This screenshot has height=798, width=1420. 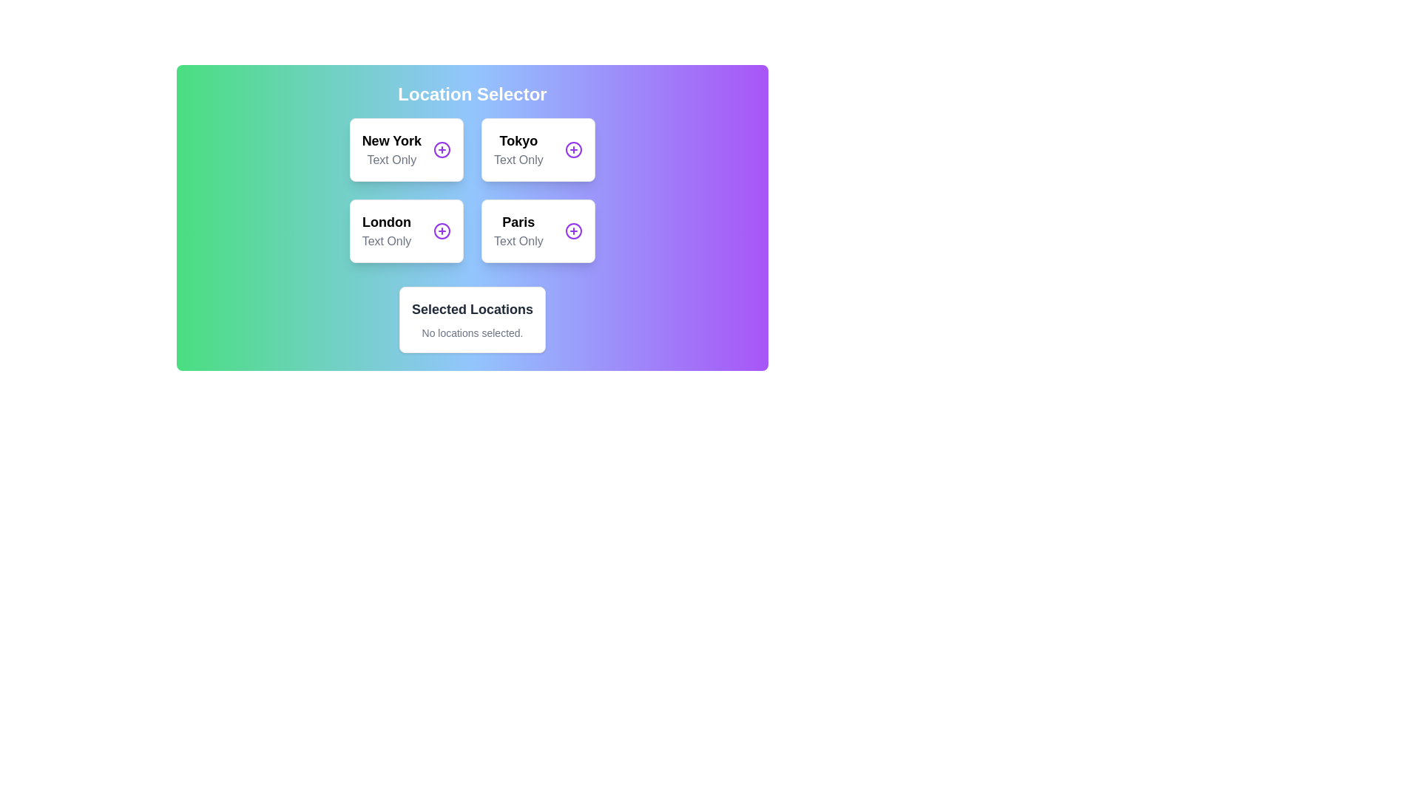 What do you see at coordinates (573, 231) in the screenshot?
I see `the circular action button with a plus symbol located at the bottom-right corner of the card for 'Paris'` at bounding box center [573, 231].